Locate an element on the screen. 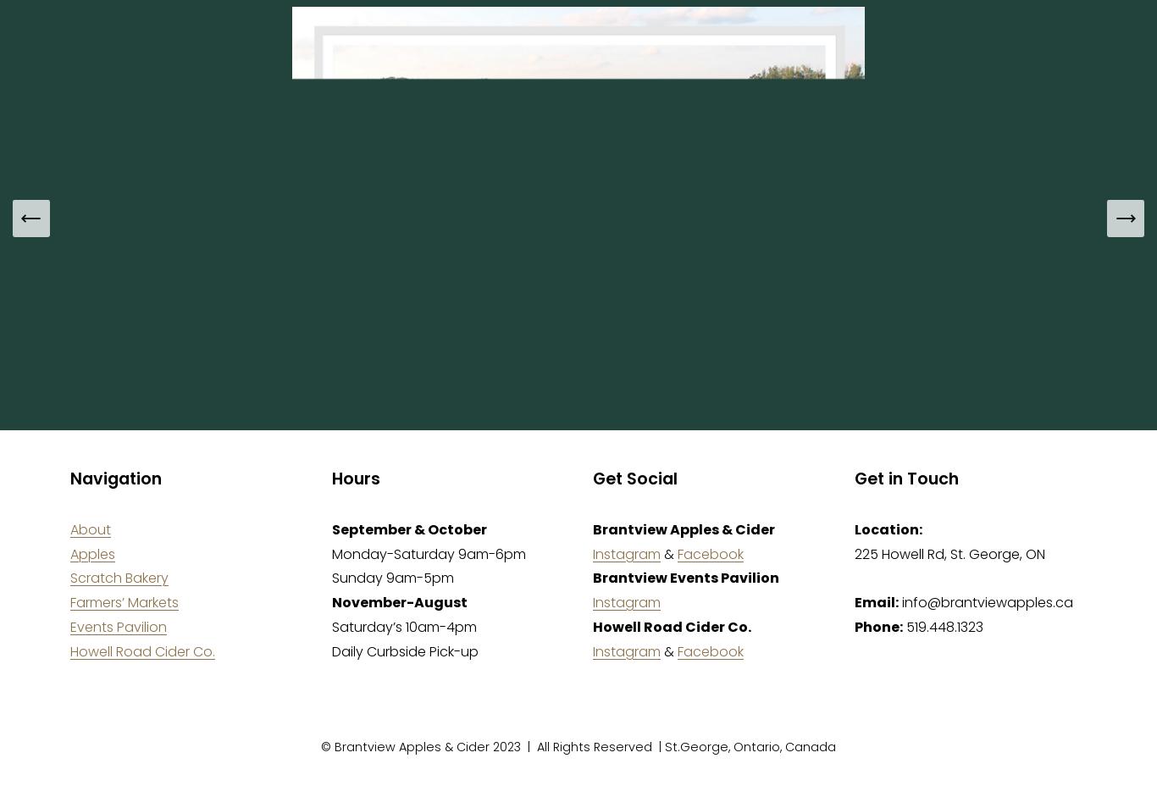 The height and width of the screenshot is (808, 1157). '© Brantview Apples & Cider 2023  |  All Rights Reserved  | St.George, Ontario, Canada' is located at coordinates (578, 746).